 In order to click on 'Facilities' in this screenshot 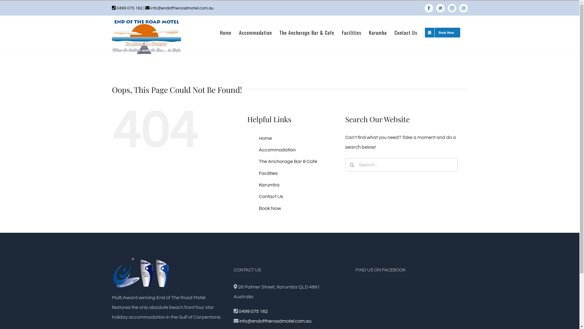, I will do `click(268, 173)`.